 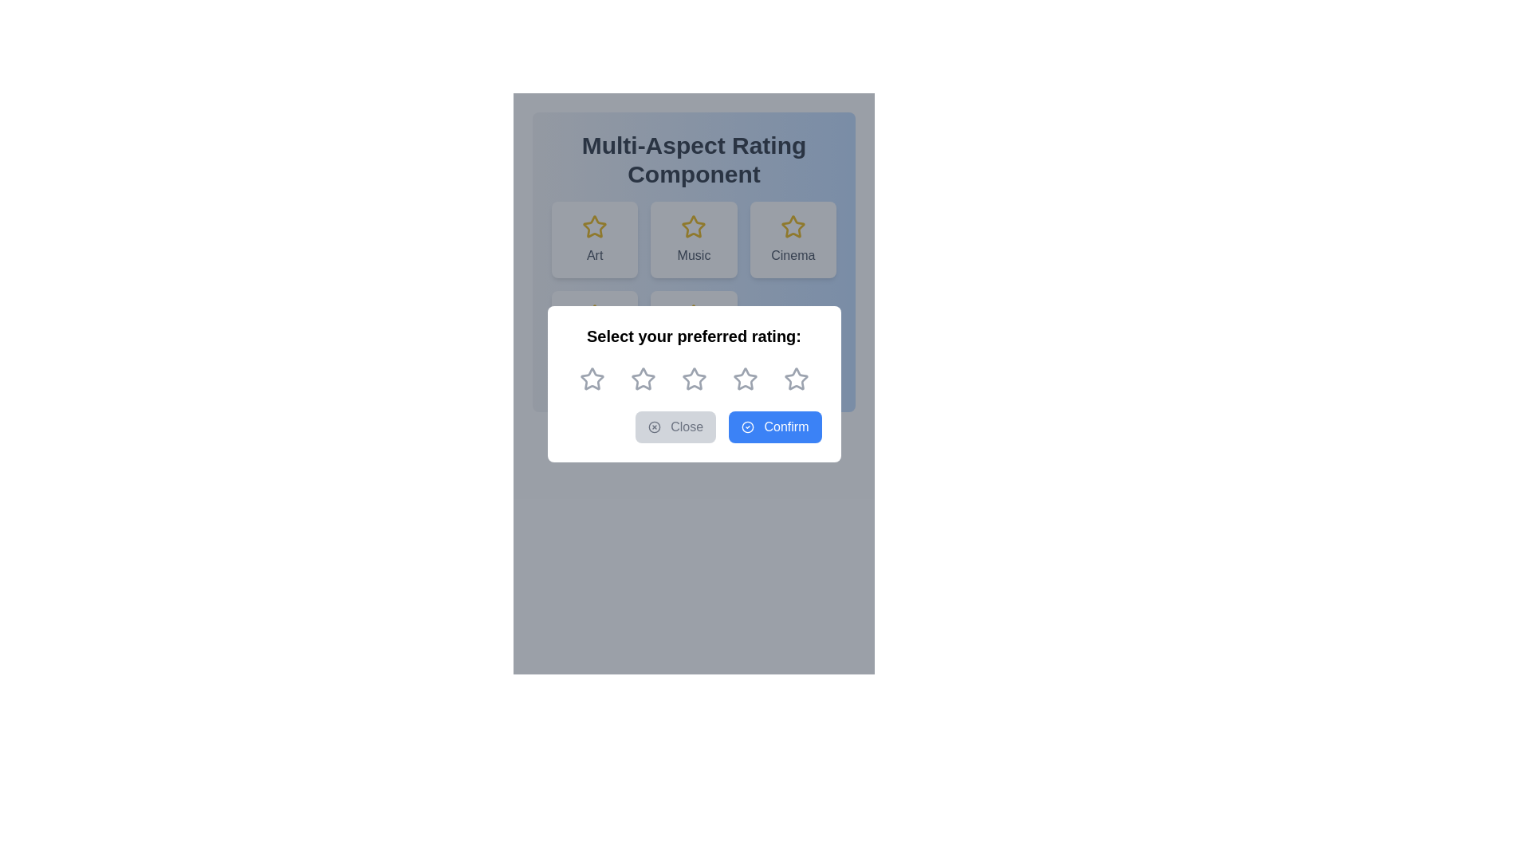 What do you see at coordinates (774, 426) in the screenshot?
I see `the blue 'Confirm' button with a checkmark icon at the bottom right of the modal interface to confirm the action` at bounding box center [774, 426].